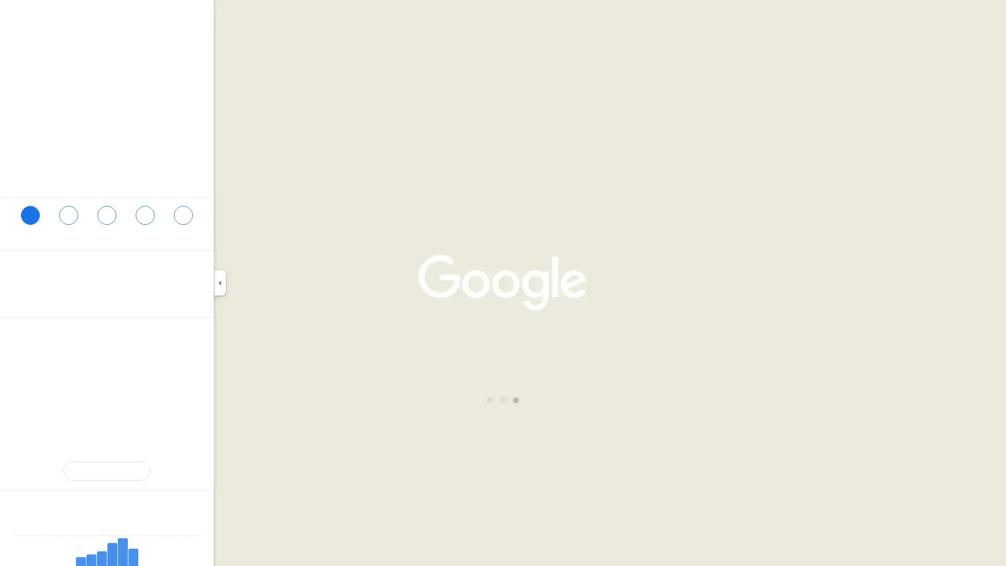 The image size is (1006, 566). Describe the element at coordinates (38, 172) in the screenshot. I see `4.6 stars` at that location.